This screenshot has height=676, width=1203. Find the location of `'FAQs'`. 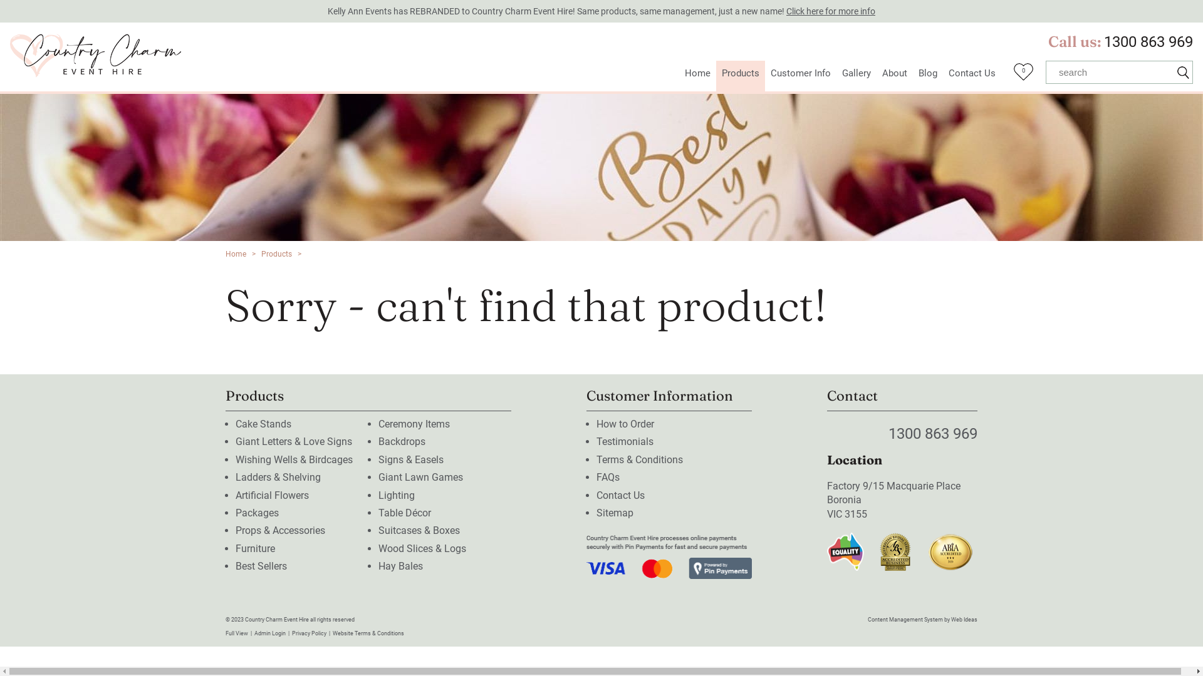

'FAQs' is located at coordinates (608, 477).